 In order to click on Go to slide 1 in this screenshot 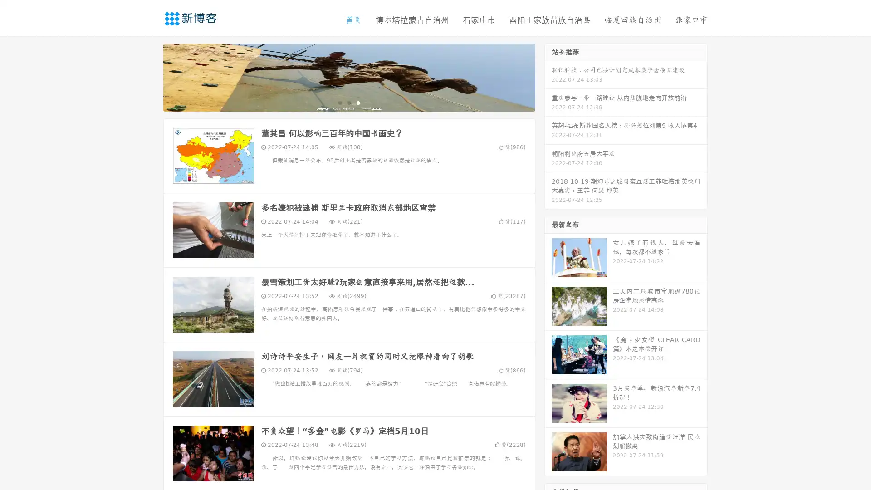, I will do `click(339, 102)`.